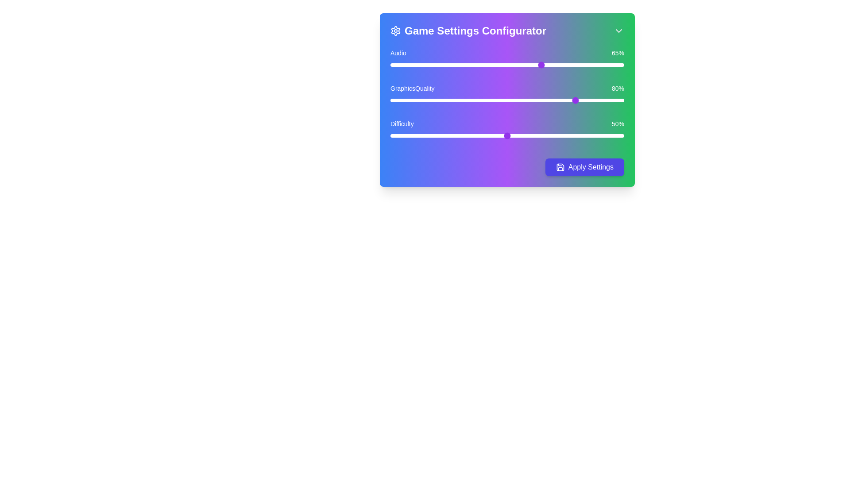  I want to click on the audio volume, so click(535, 64).